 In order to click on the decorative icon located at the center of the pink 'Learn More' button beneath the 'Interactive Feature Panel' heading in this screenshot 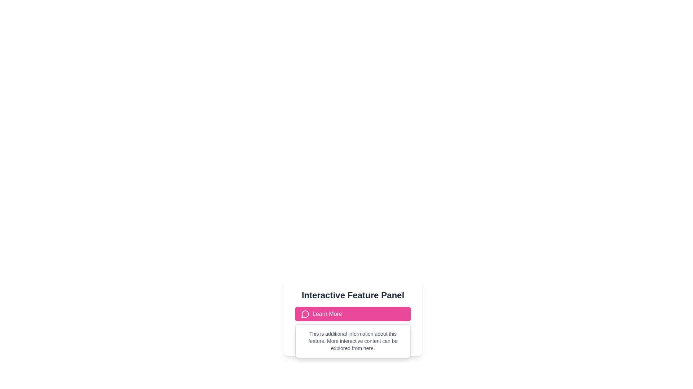, I will do `click(305, 314)`.